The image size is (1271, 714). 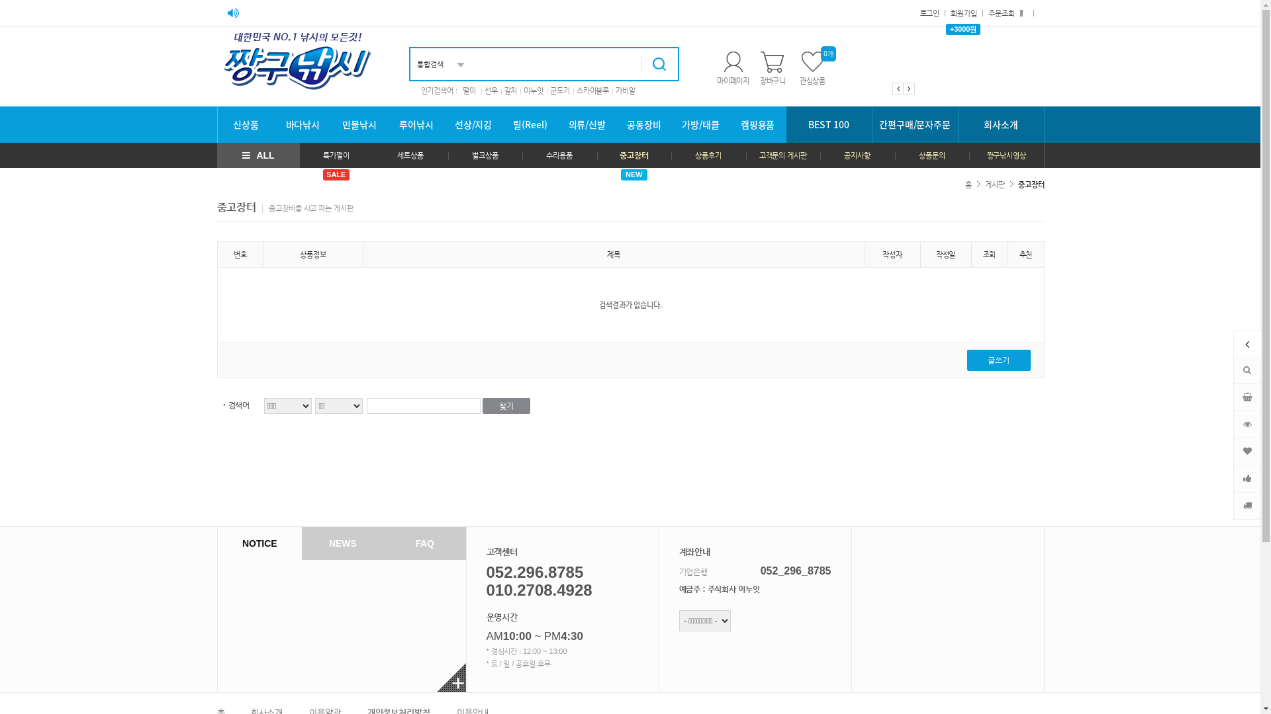 What do you see at coordinates (383, 543) in the screenshot?
I see `'FAQ'` at bounding box center [383, 543].